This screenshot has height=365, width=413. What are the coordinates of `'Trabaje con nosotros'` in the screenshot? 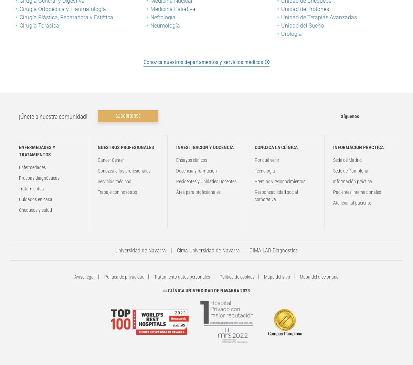 It's located at (97, 192).